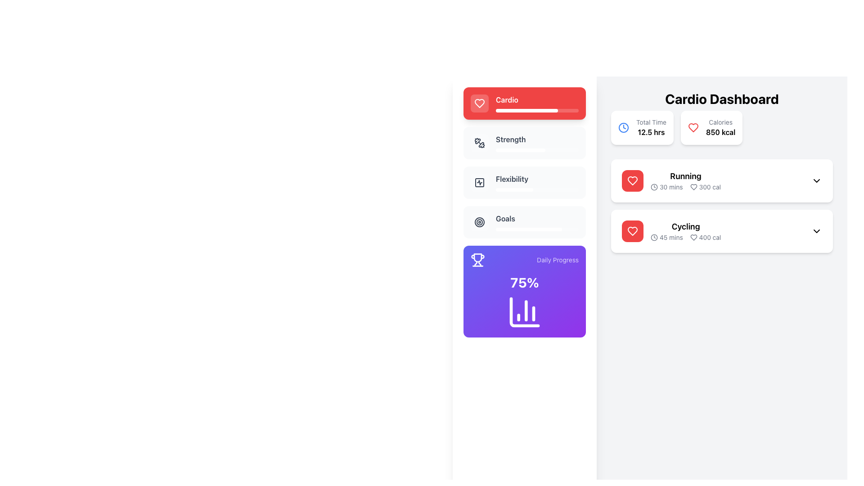 The height and width of the screenshot is (486, 864). Describe the element at coordinates (477, 260) in the screenshot. I see `the decorative icon in the upper-left corner of the 'Daily Progress' card, which symbolizes achievement or goals` at that location.